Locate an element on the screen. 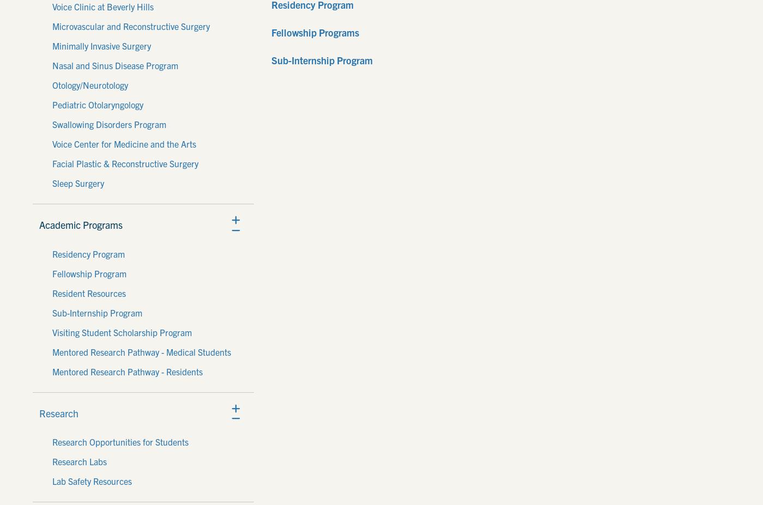 The height and width of the screenshot is (505, 763). 'Voice Center for Medicine and the Arts' is located at coordinates (124, 144).